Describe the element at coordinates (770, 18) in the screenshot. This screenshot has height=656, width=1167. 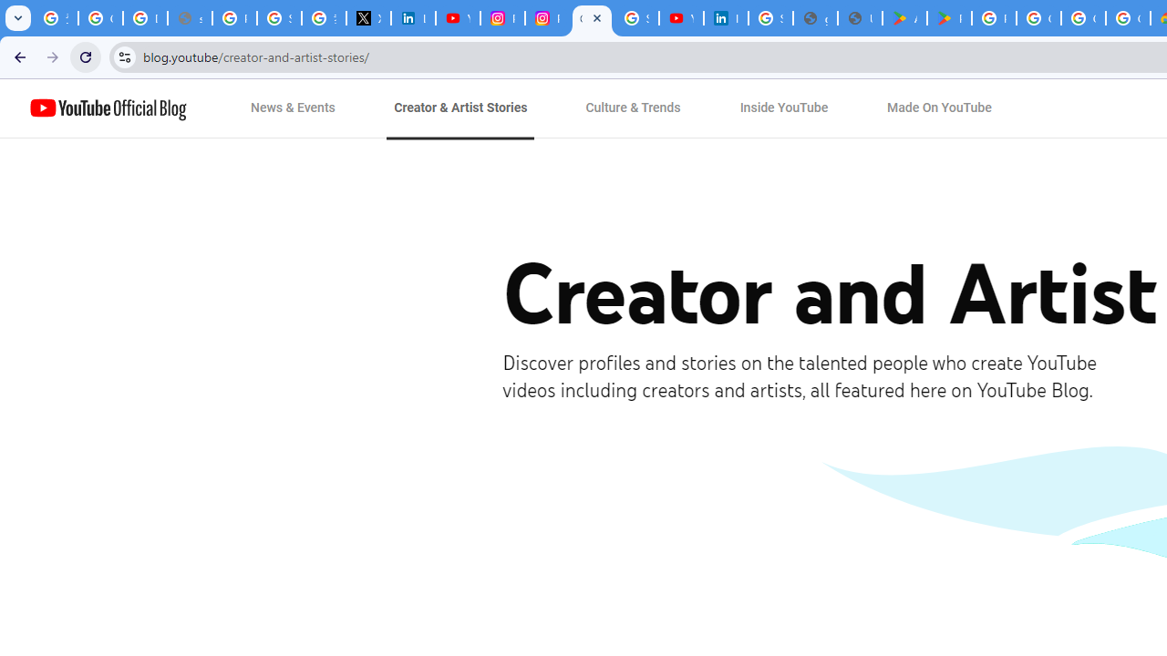
I see `'Sign in - Google Accounts'` at that location.